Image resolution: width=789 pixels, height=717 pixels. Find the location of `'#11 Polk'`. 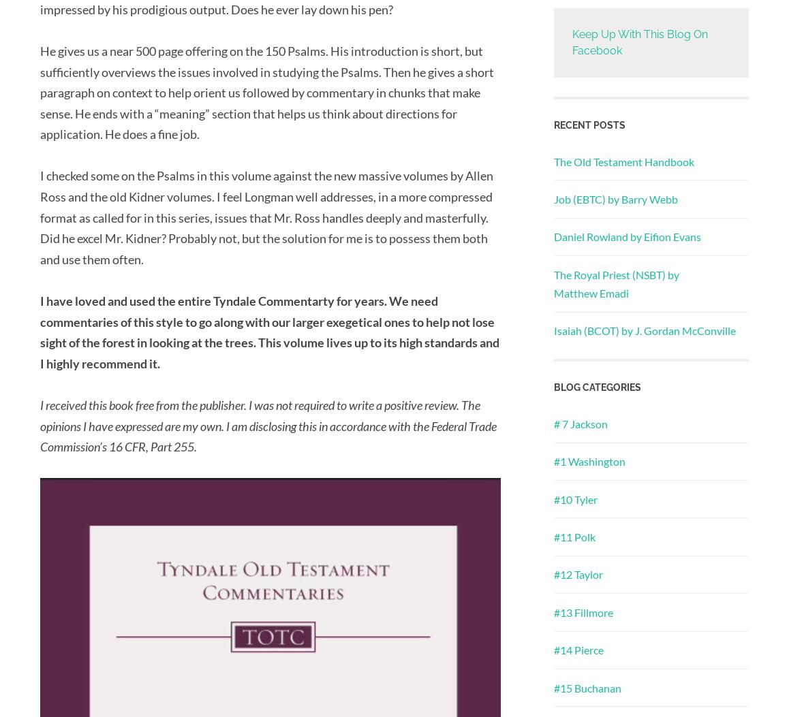

'#11 Polk' is located at coordinates (574, 537).